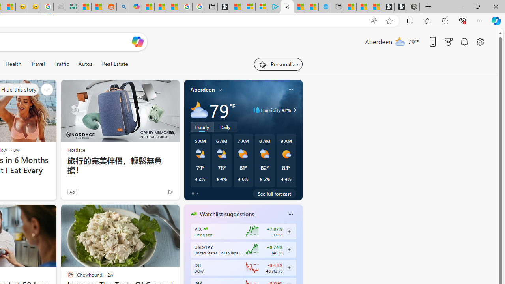  What do you see at coordinates (202, 126) in the screenshot?
I see `'Hourly'` at bounding box center [202, 126].